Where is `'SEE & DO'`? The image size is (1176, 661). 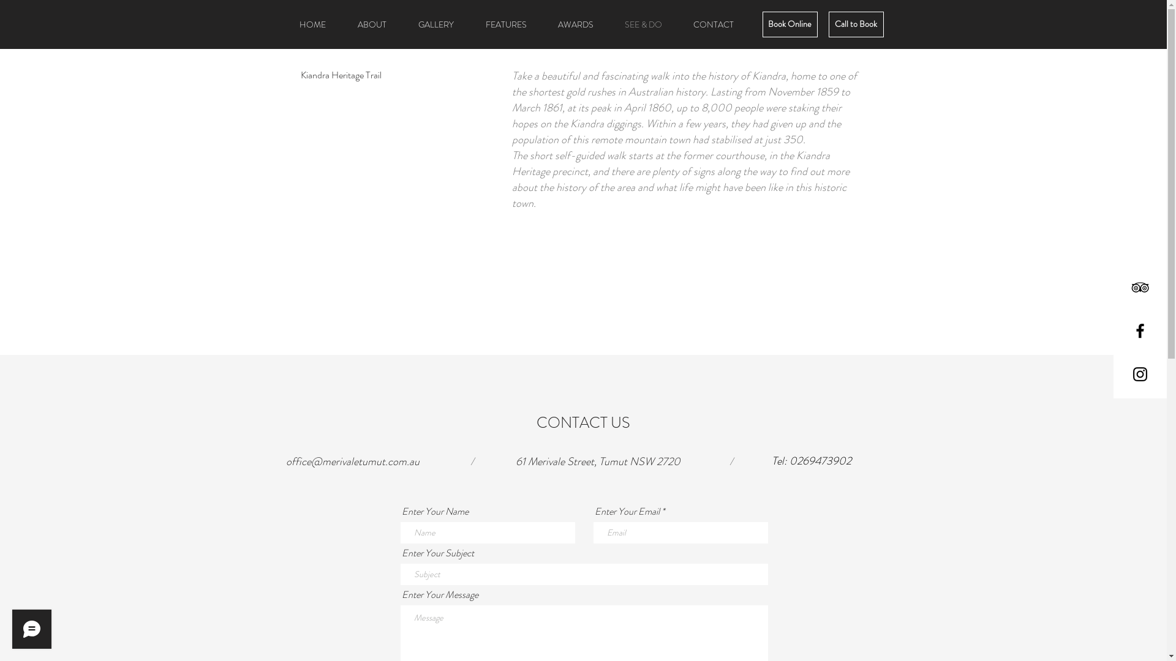
'SEE & DO' is located at coordinates (608, 24).